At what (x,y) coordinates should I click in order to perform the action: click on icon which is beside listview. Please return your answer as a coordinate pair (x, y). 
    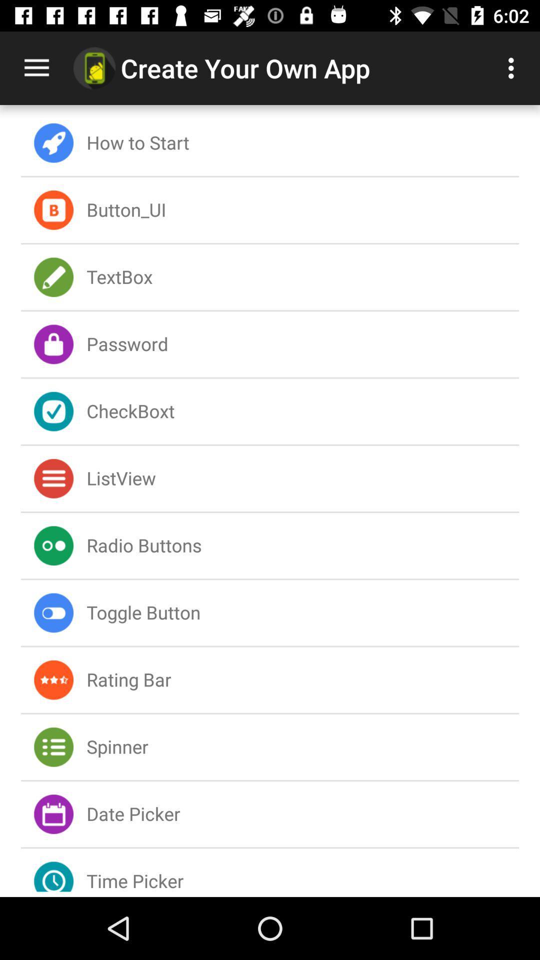
    Looking at the image, I should click on (53, 478).